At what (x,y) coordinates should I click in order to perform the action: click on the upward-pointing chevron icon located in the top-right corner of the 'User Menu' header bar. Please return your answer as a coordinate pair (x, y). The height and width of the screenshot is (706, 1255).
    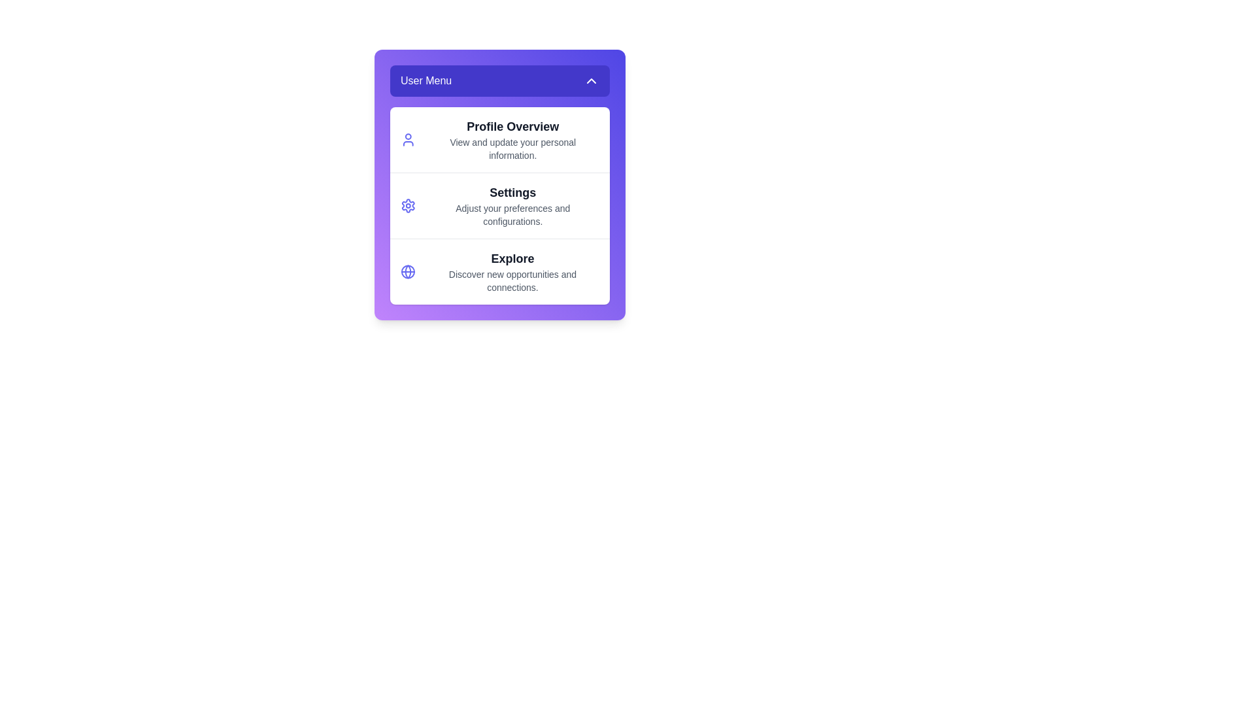
    Looking at the image, I should click on (591, 80).